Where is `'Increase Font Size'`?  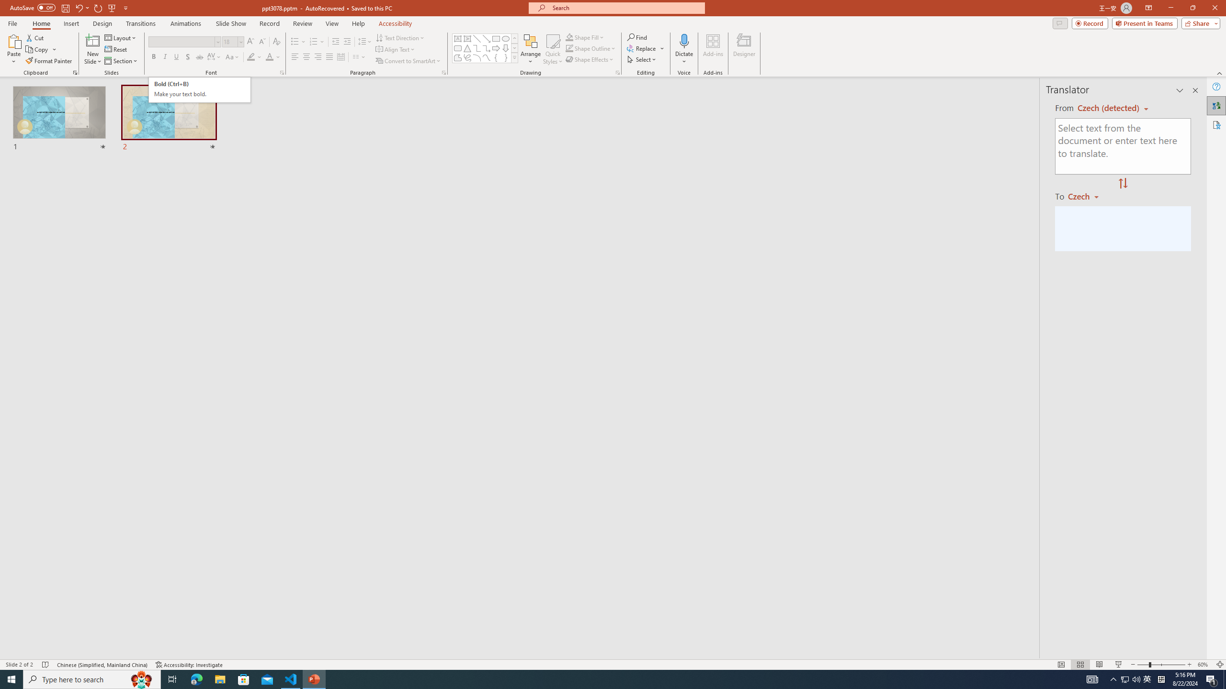
'Increase Font Size' is located at coordinates (250, 42).